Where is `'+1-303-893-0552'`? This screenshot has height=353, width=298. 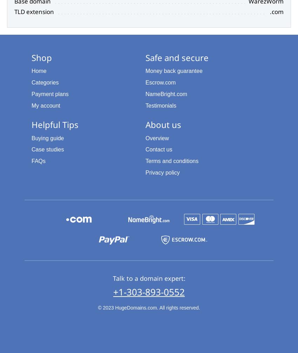
'+1-303-893-0552' is located at coordinates (149, 291).